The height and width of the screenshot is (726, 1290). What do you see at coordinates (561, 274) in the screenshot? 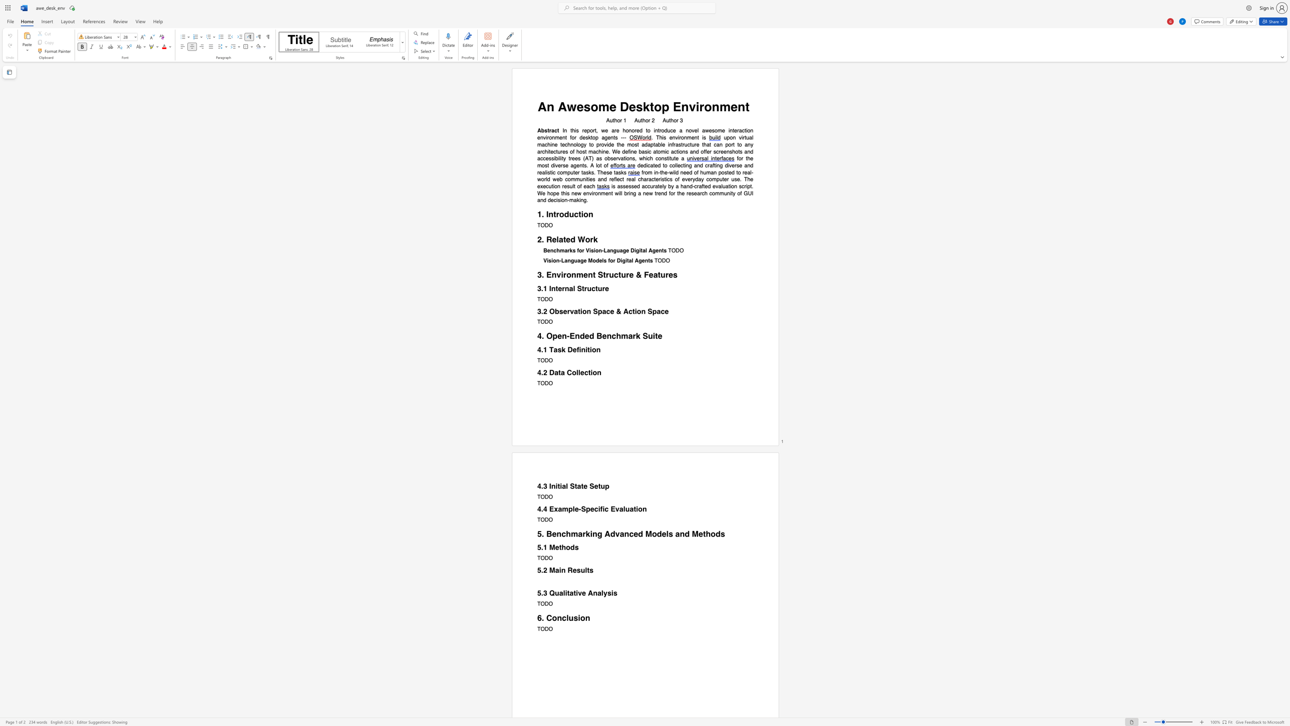
I see `the subset text "ironment Structure & Feature" within the text "3. Environment Structure & Features"` at bounding box center [561, 274].